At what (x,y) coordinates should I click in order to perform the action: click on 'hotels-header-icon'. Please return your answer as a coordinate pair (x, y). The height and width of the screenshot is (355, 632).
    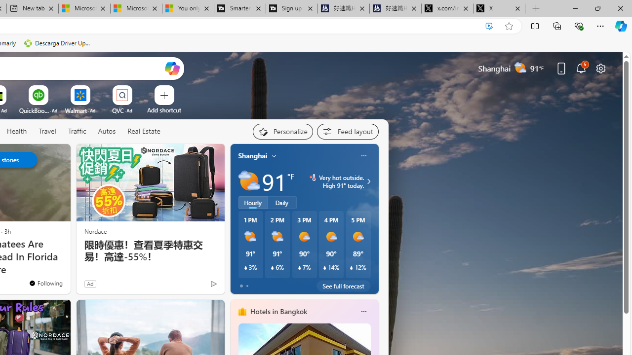
    Looking at the image, I should click on (242, 312).